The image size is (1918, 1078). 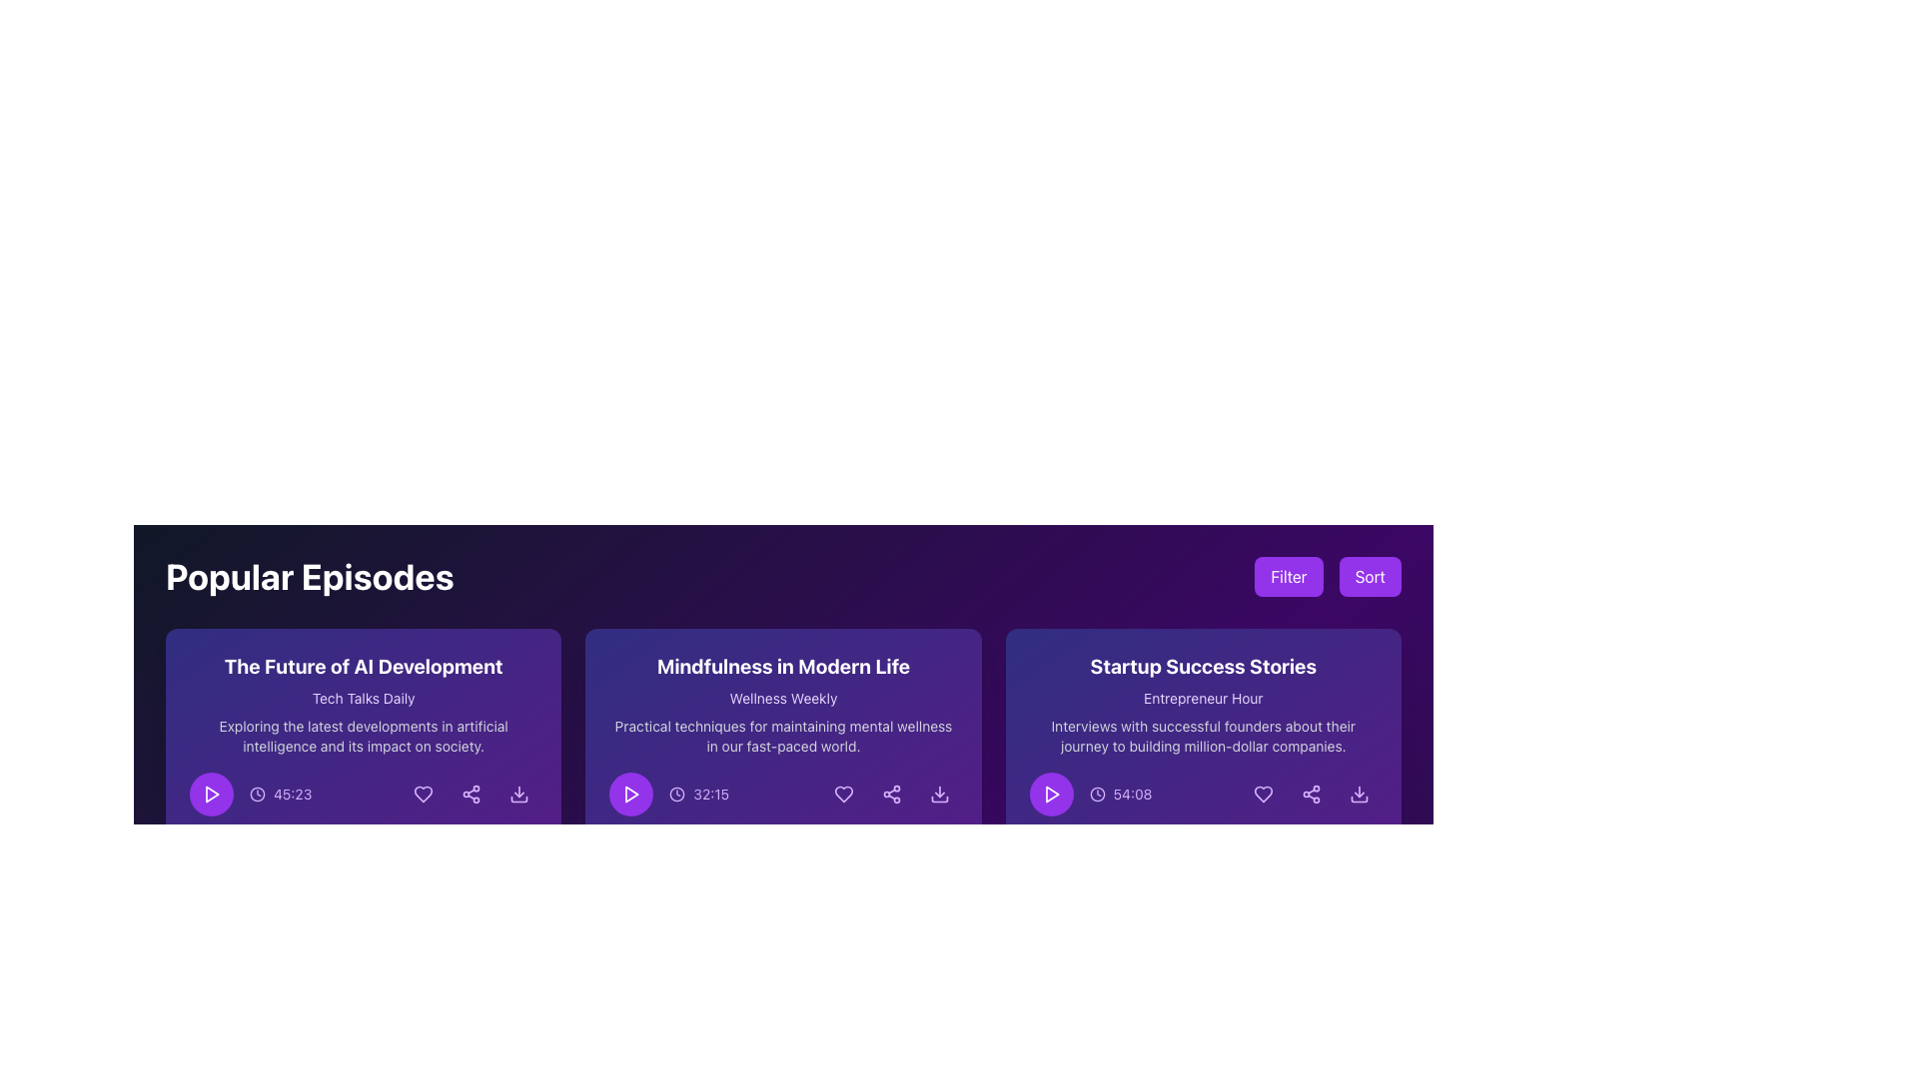 What do you see at coordinates (1202, 835) in the screenshot?
I see `the progress bar located at the bottom edge of the 'Startup Success Stories' card, just above the text displaying the number of listeners` at bounding box center [1202, 835].